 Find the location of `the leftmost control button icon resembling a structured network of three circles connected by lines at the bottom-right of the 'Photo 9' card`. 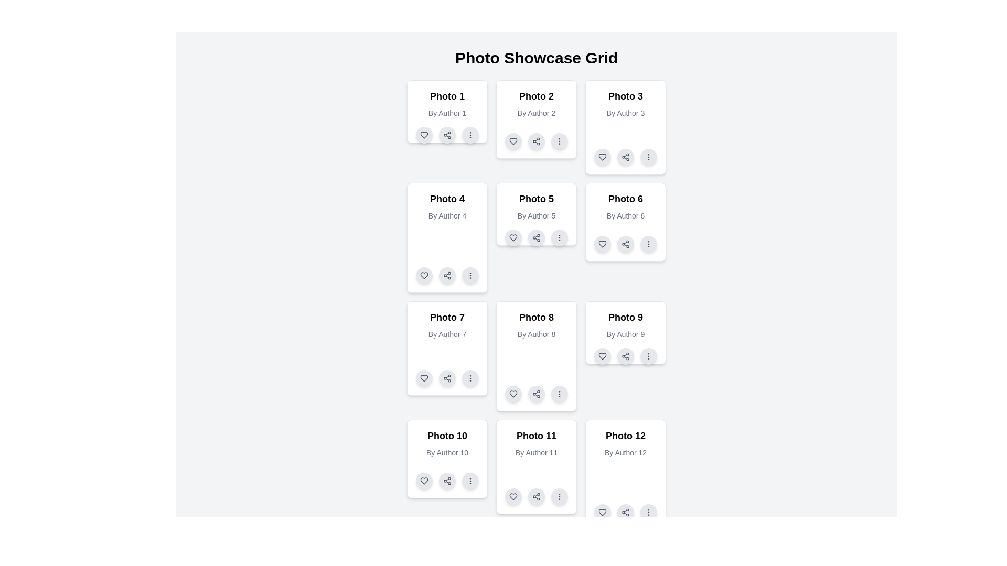

the leftmost control button icon resembling a structured network of three circles connected by lines at the bottom-right of the 'Photo 9' card is located at coordinates (626, 355).